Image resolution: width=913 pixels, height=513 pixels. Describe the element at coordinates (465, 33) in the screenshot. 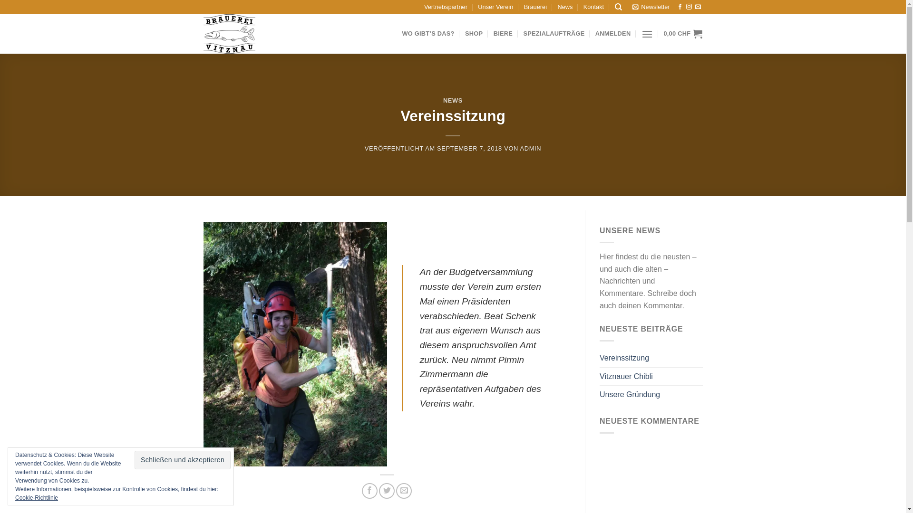

I see `'SHOP'` at that location.